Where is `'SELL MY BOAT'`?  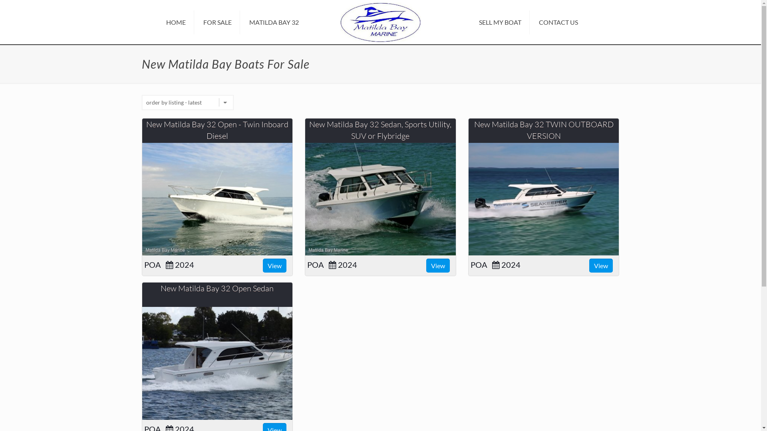 'SELL MY BOAT' is located at coordinates (500, 22).